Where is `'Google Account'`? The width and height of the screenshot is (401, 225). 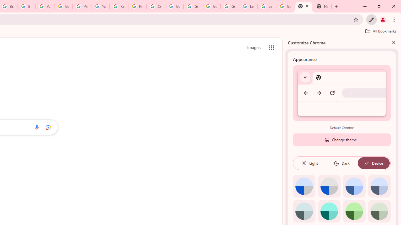 'Google Account' is located at coordinates (285, 6).